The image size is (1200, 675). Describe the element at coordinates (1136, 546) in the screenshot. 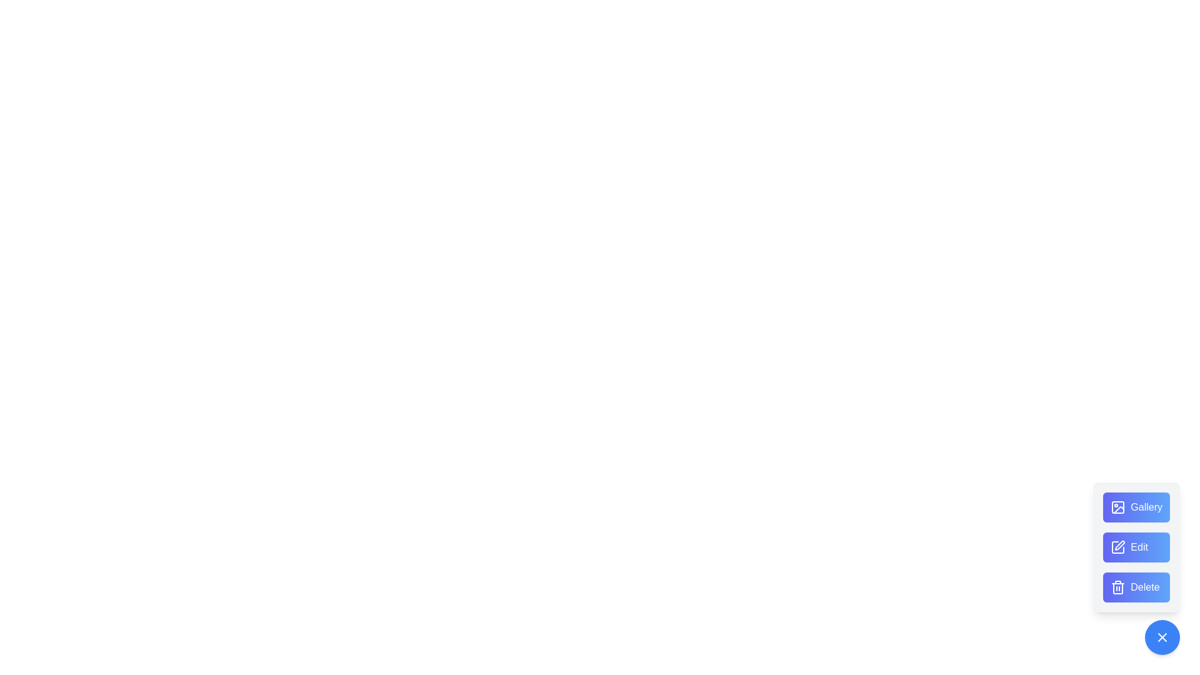

I see `the 'Edit' button to access editing features` at that location.